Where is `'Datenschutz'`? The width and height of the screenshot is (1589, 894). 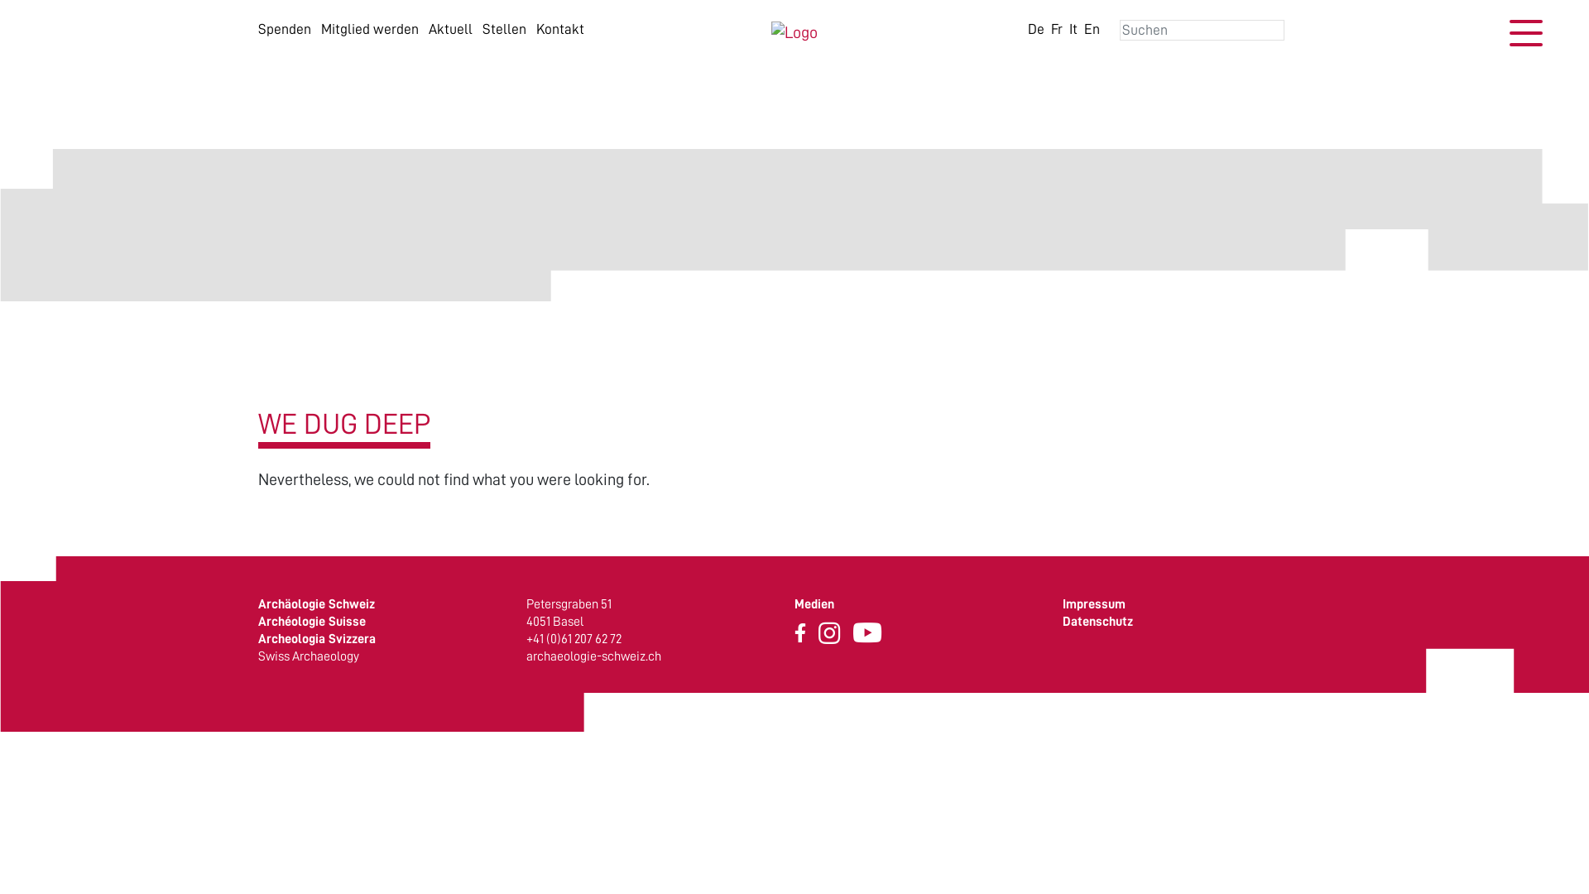
'Datenschutz' is located at coordinates (1062, 622).